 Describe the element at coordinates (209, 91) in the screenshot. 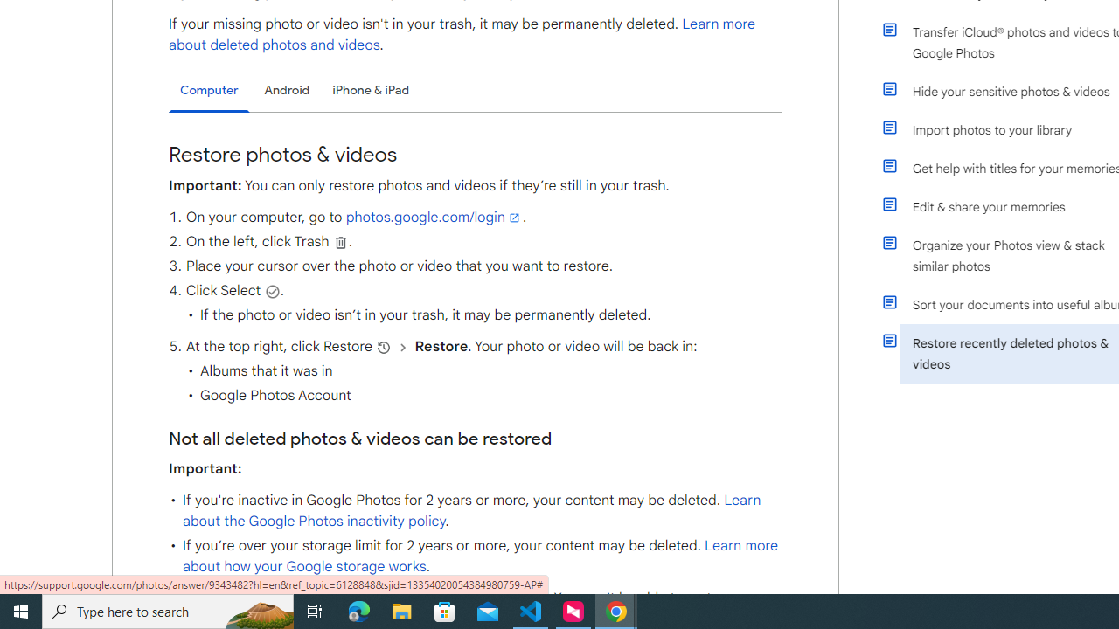

I see `'Computer'` at that location.